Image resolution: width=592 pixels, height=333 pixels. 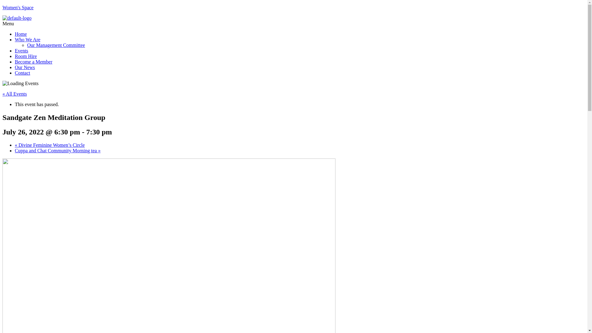 I want to click on 'Women's Space', so click(x=18, y=7).